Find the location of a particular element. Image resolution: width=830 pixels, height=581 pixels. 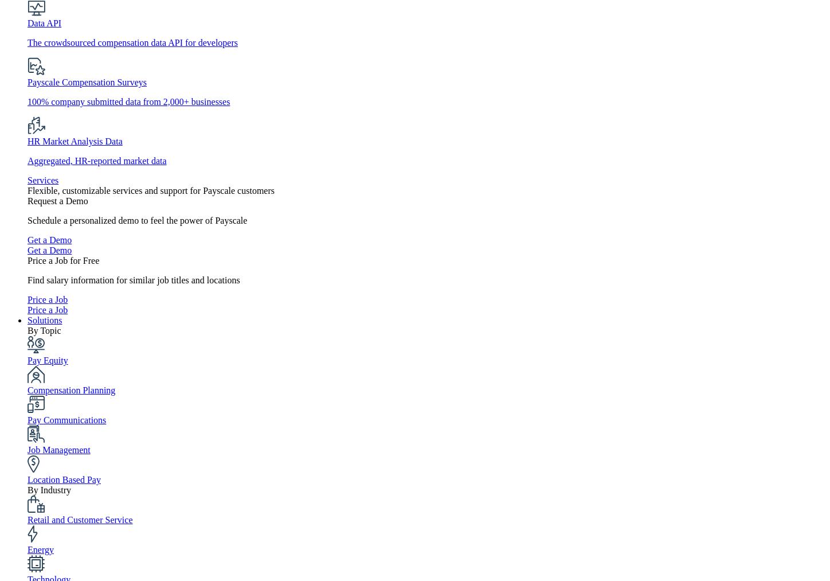

'Payscale Compensation Surveys' is located at coordinates (86, 82).